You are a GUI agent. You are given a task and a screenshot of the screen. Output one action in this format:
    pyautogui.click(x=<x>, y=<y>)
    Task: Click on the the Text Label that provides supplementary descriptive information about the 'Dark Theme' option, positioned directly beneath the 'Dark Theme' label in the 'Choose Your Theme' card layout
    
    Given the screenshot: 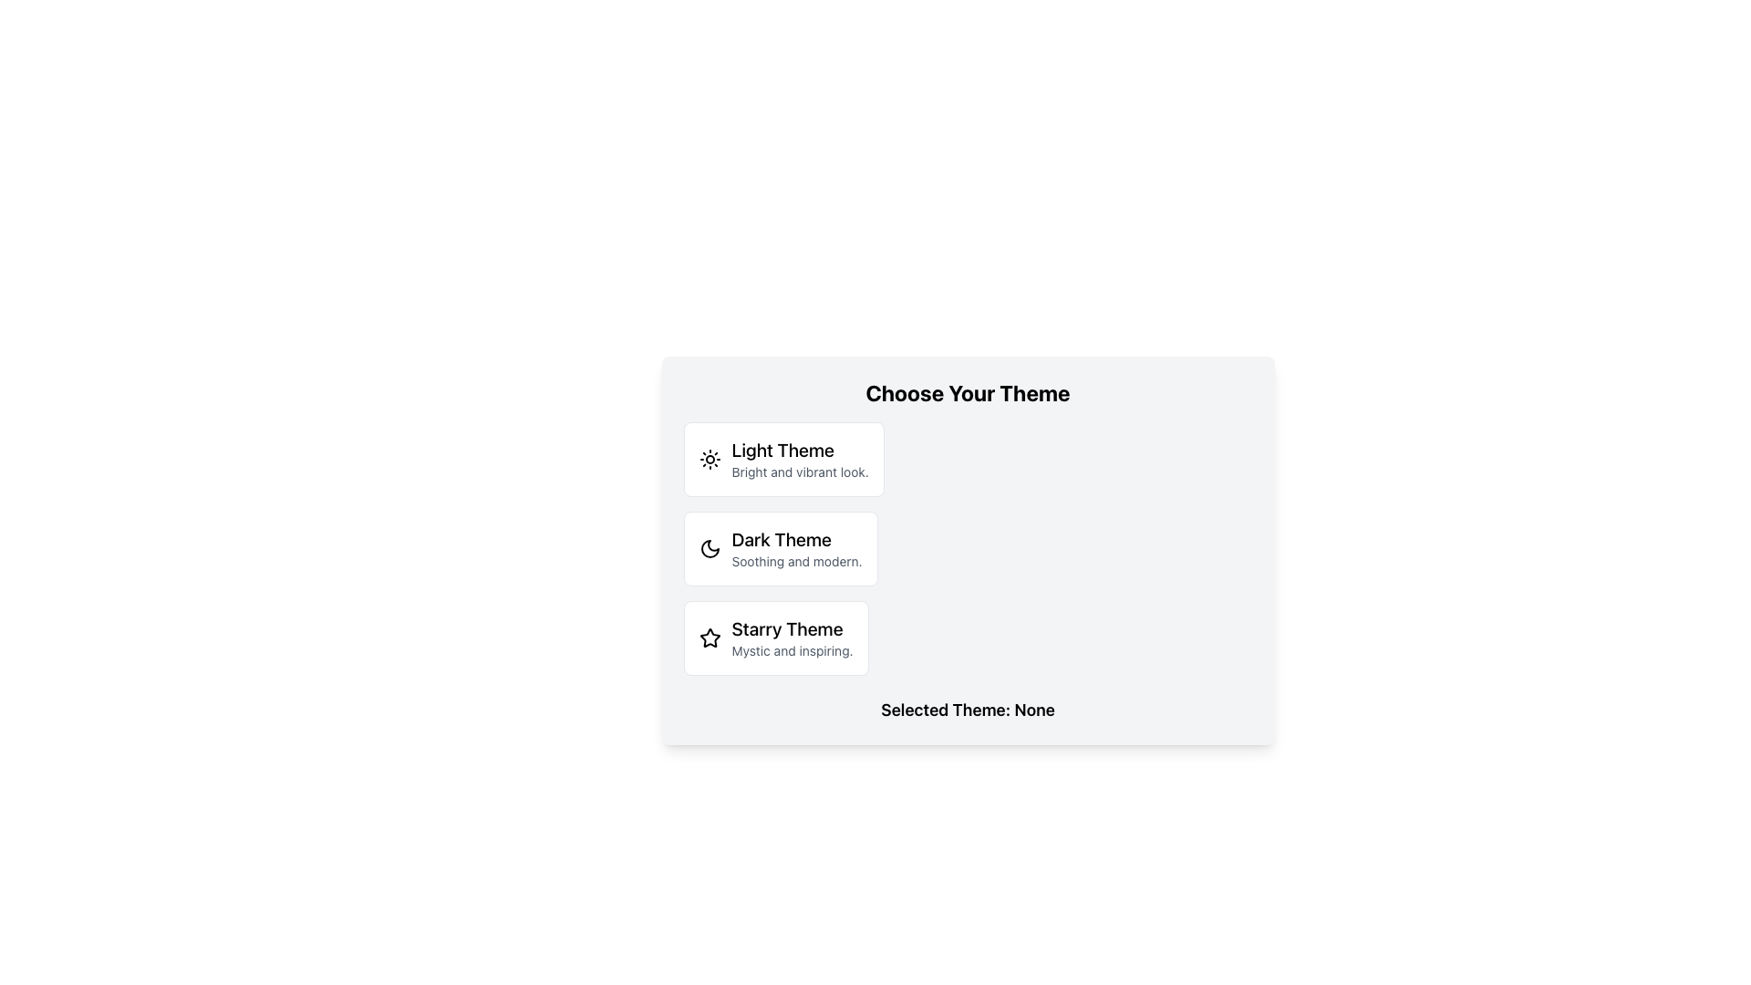 What is the action you would take?
    pyautogui.click(x=797, y=561)
    